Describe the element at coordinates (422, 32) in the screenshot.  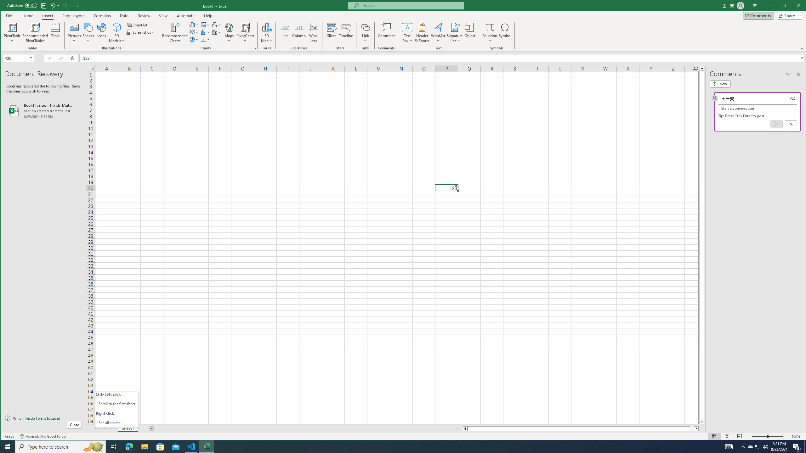
I see `'Header & Footer...'` at that location.